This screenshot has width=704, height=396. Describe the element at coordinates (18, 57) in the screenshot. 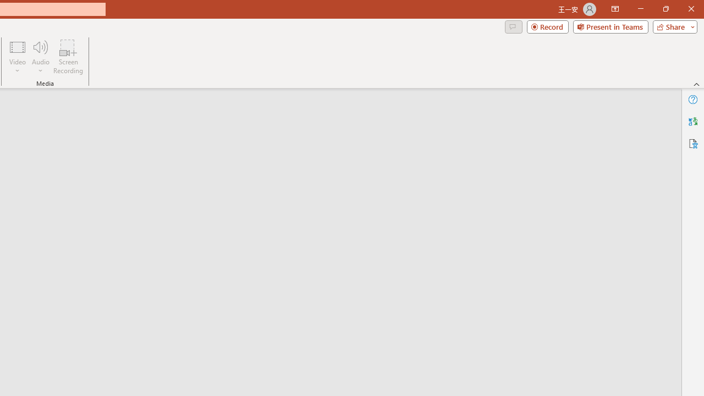

I see `'Video'` at that location.